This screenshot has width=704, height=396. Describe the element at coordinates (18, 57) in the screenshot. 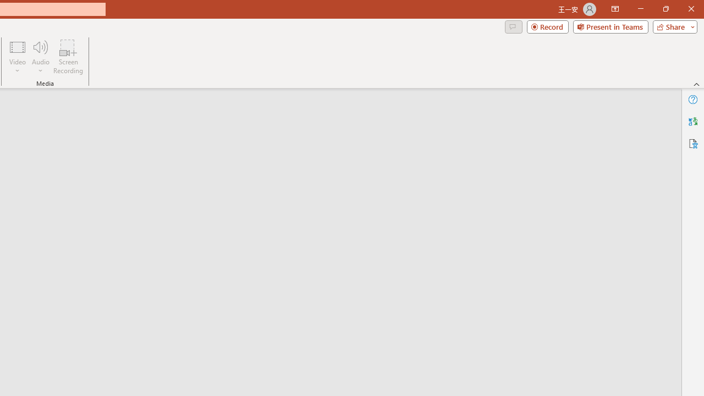

I see `'Video'` at that location.